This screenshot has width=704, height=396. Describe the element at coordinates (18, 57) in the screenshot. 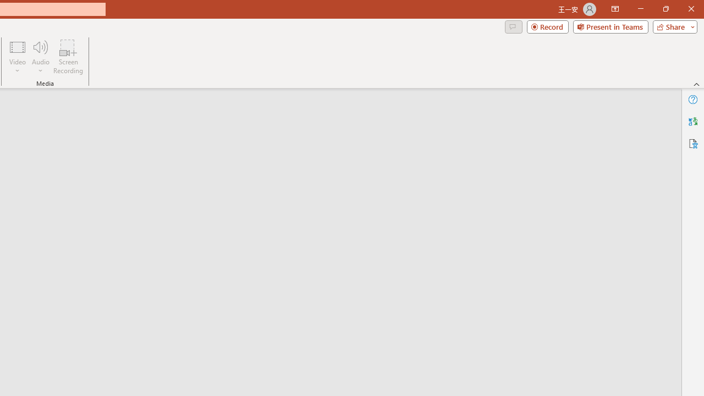

I see `'Video'` at that location.